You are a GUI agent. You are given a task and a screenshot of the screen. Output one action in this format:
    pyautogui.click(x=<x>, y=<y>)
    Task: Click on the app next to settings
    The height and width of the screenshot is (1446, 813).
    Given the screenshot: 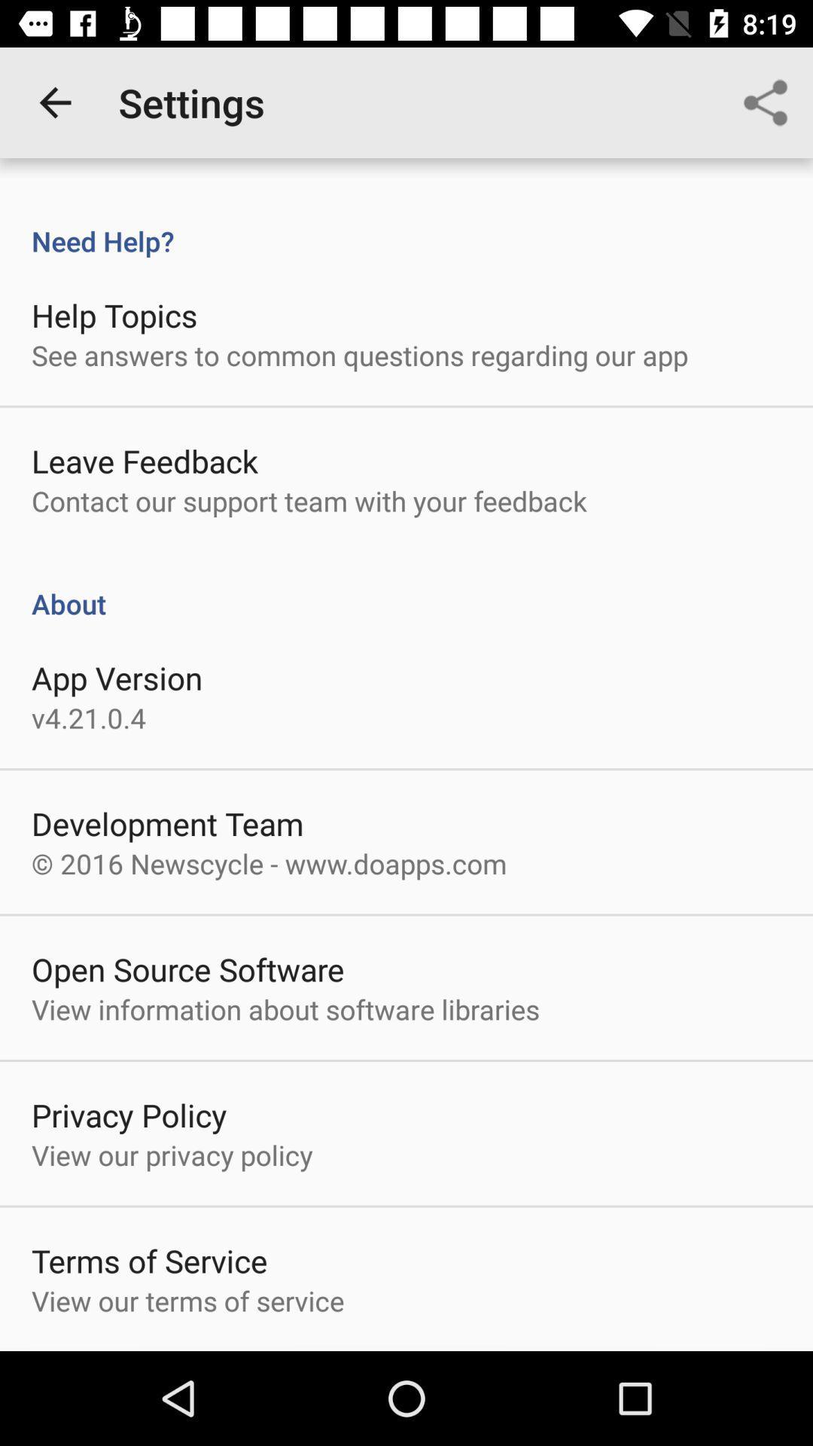 What is the action you would take?
    pyautogui.click(x=54, y=102)
    